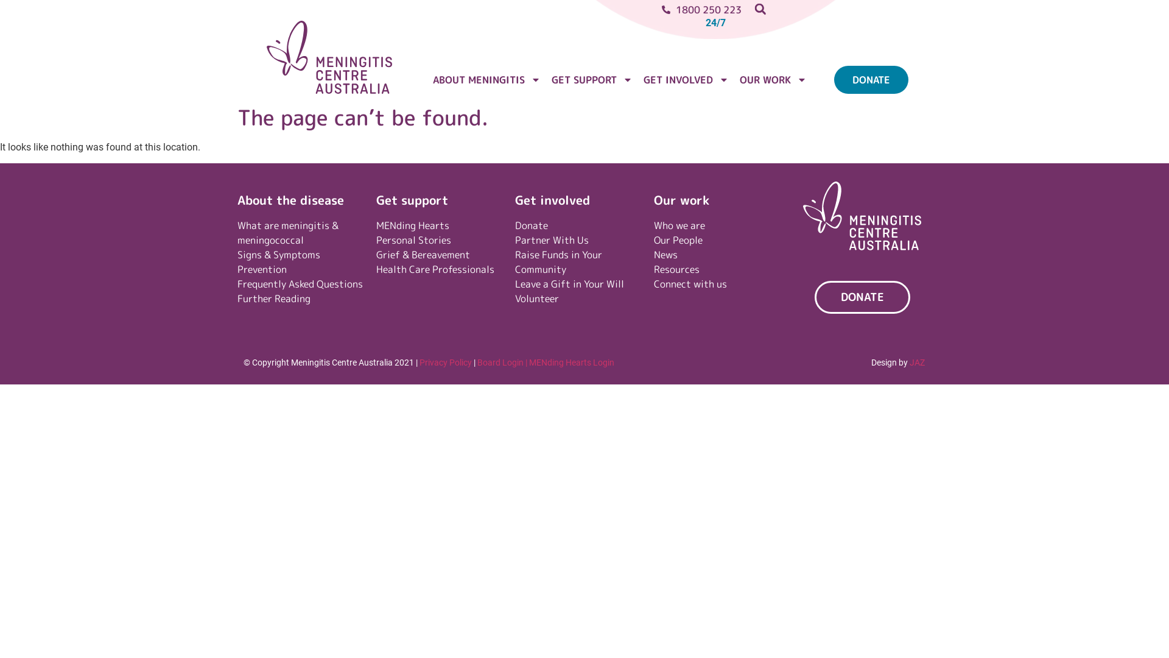 The height and width of the screenshot is (658, 1169). What do you see at coordinates (720, 269) in the screenshot?
I see `'Resources'` at bounding box center [720, 269].